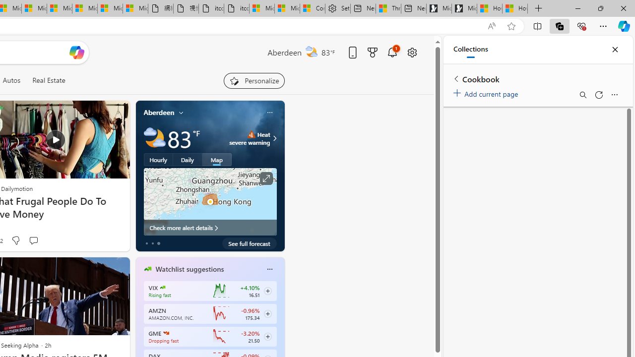 Image resolution: width=635 pixels, height=357 pixels. Describe the element at coordinates (181, 112) in the screenshot. I see `'My location'` at that location.